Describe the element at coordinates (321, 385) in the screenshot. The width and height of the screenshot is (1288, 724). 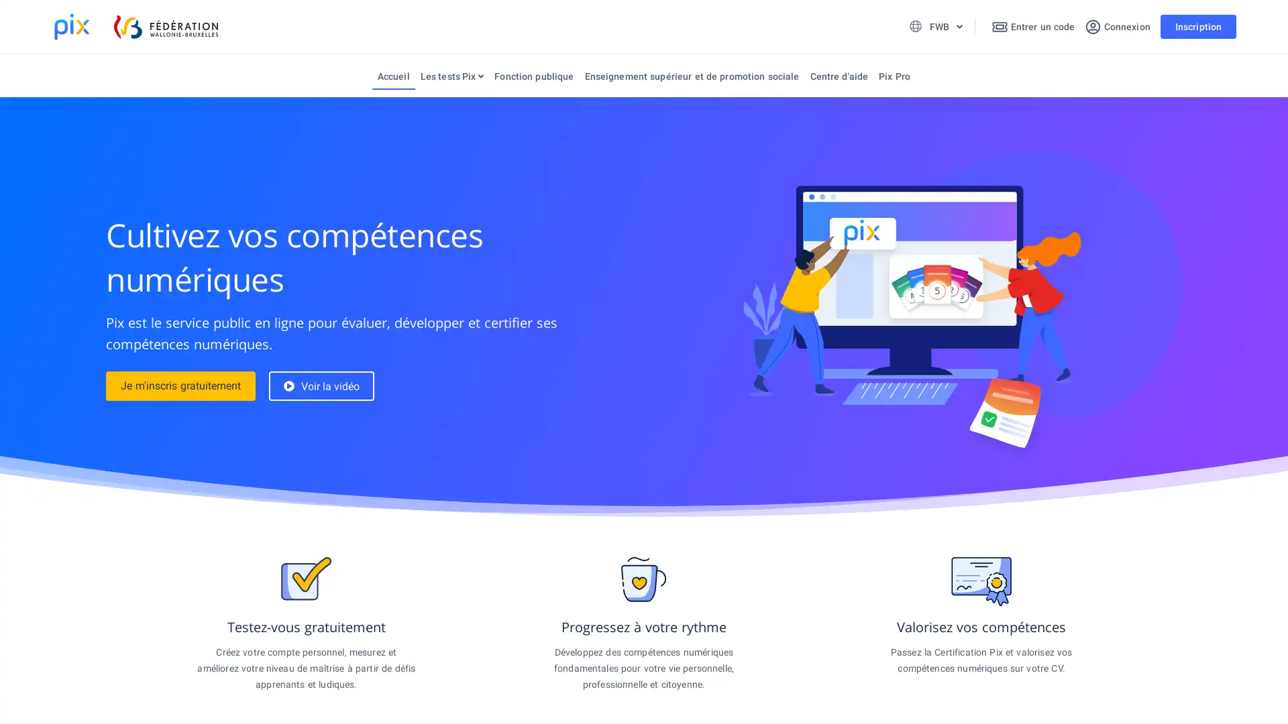
I see `Voir la video` at that location.